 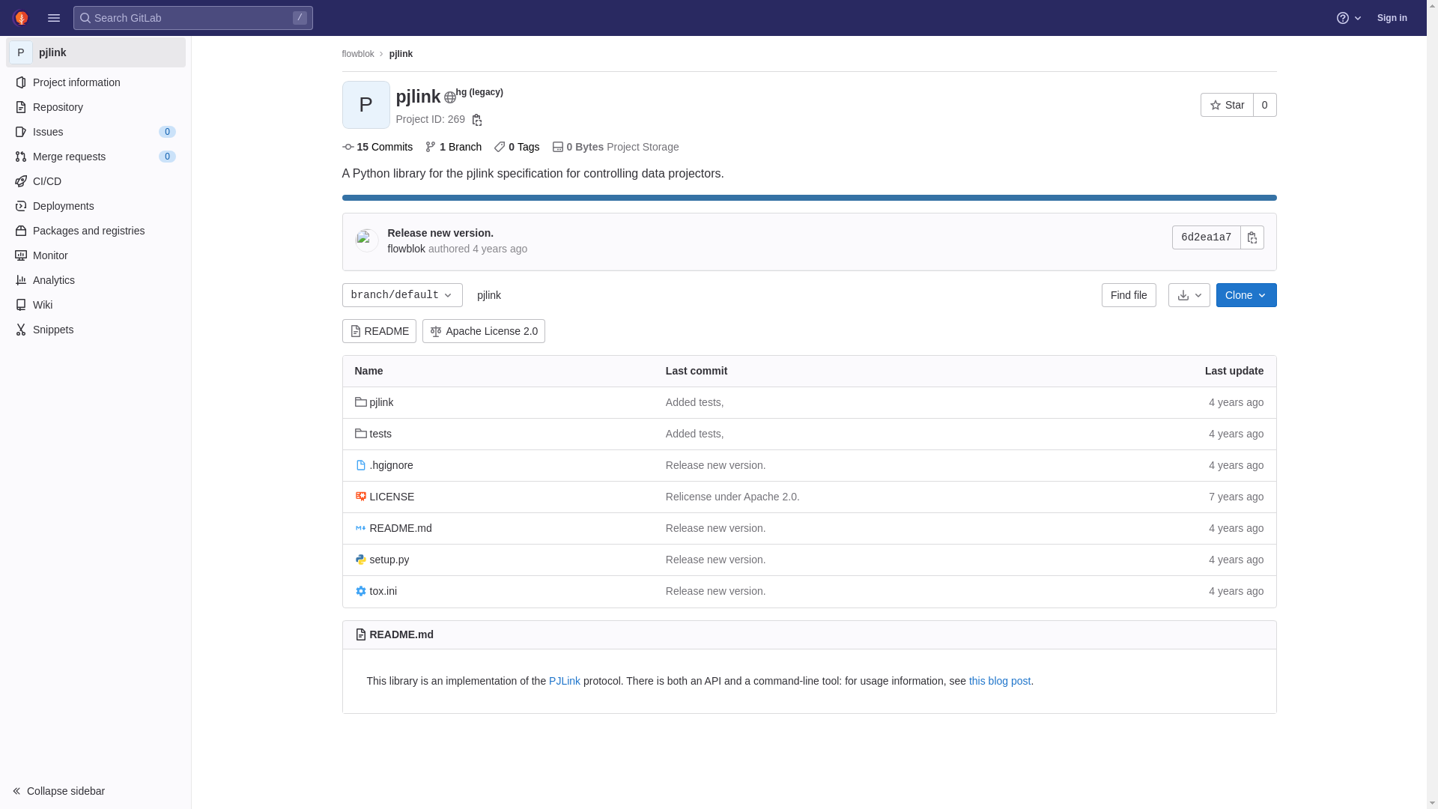 What do you see at coordinates (377, 147) in the screenshot?
I see `'15` at bounding box center [377, 147].